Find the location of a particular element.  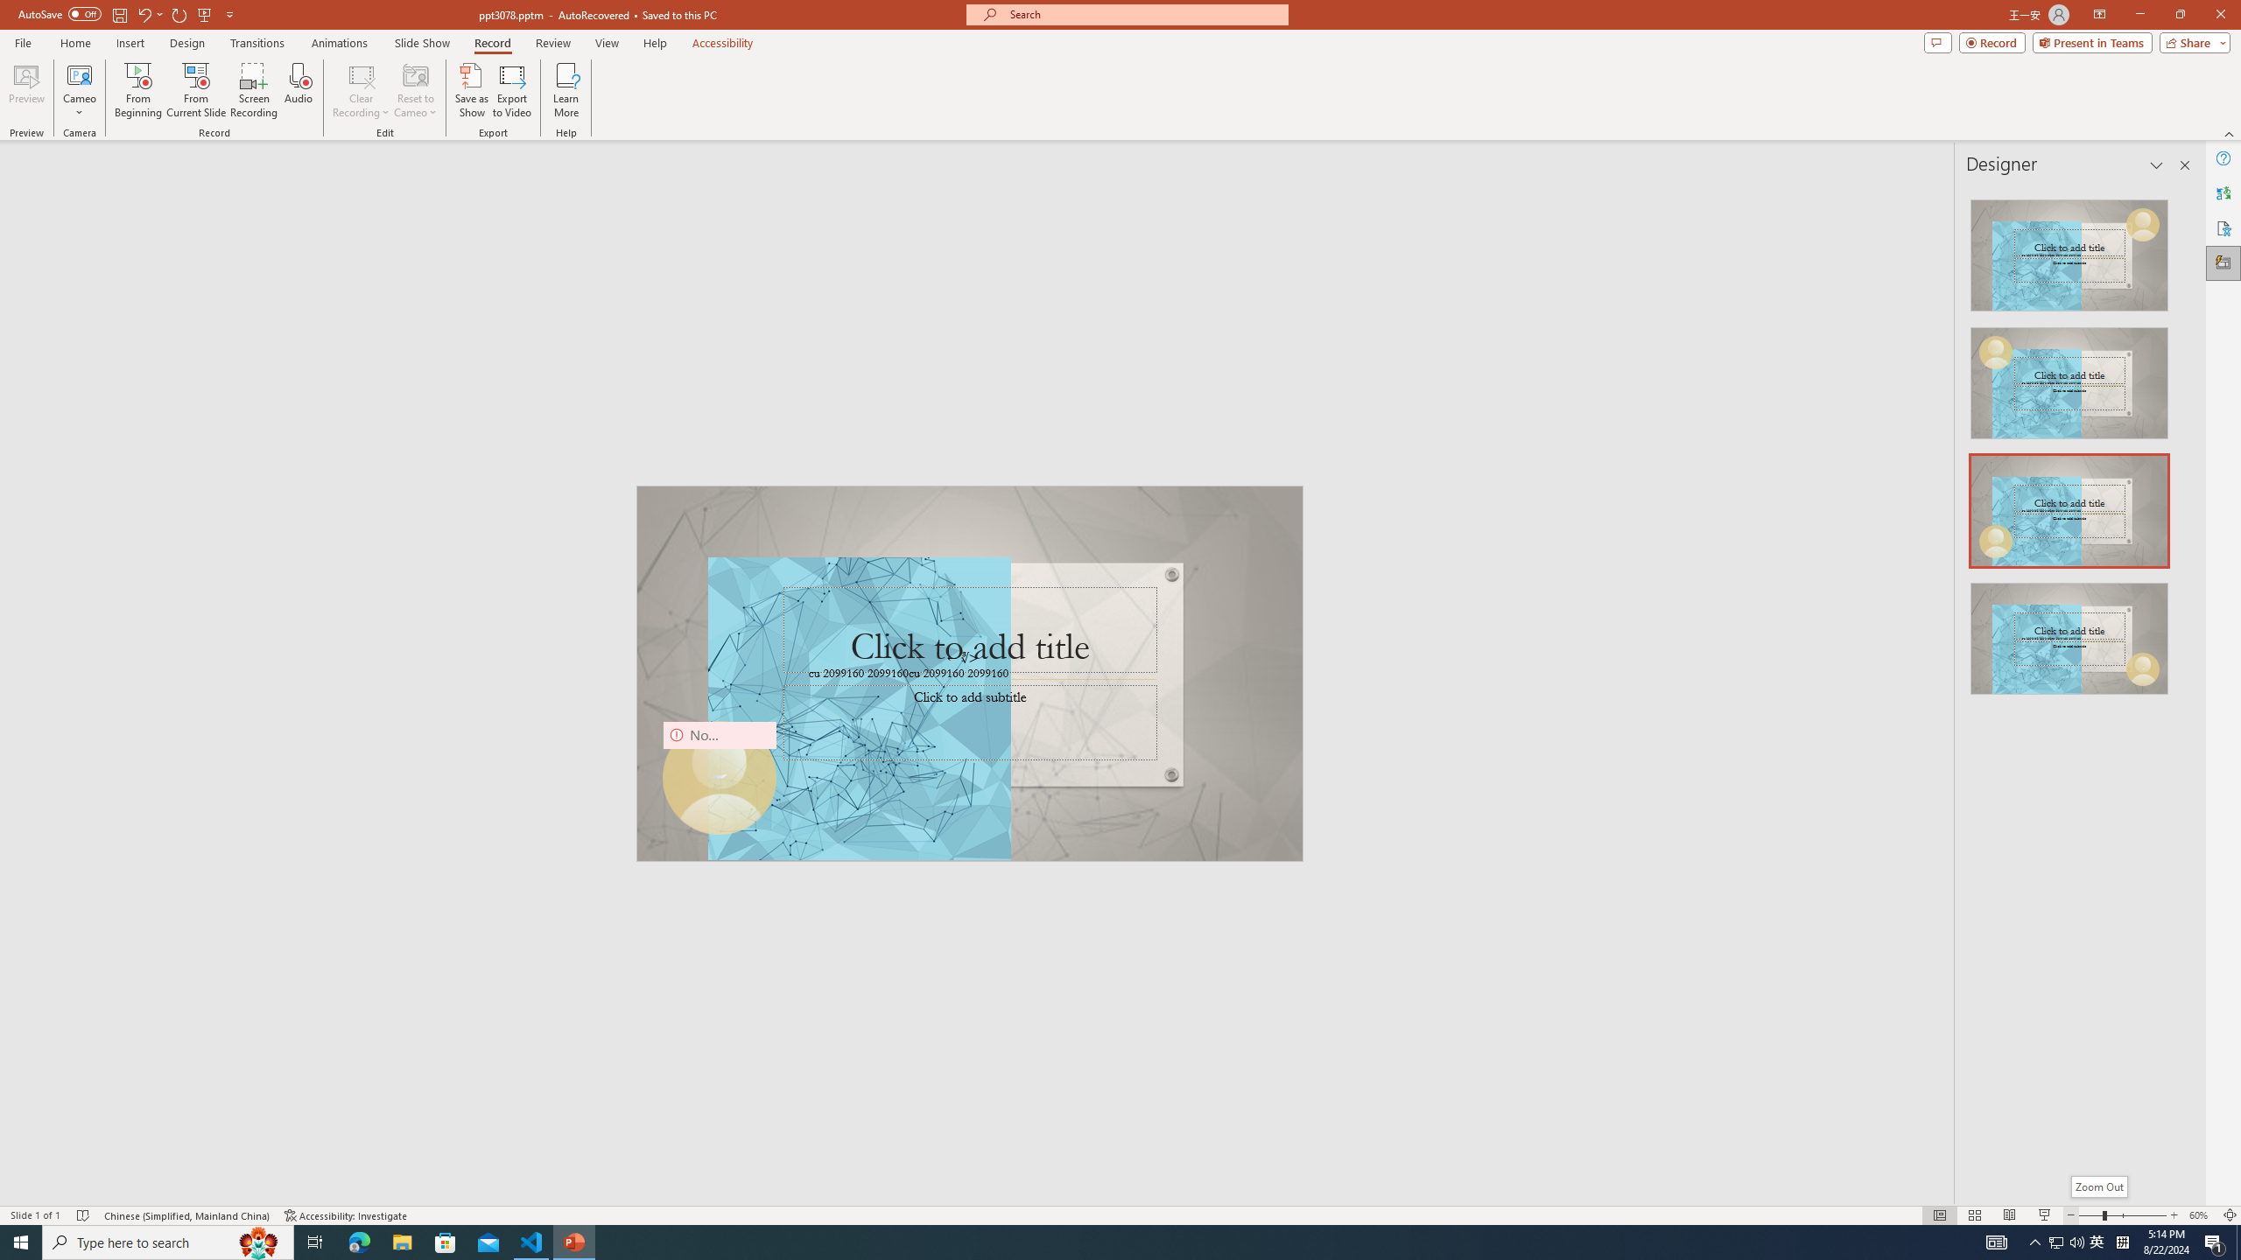

'Home' is located at coordinates (74, 43).